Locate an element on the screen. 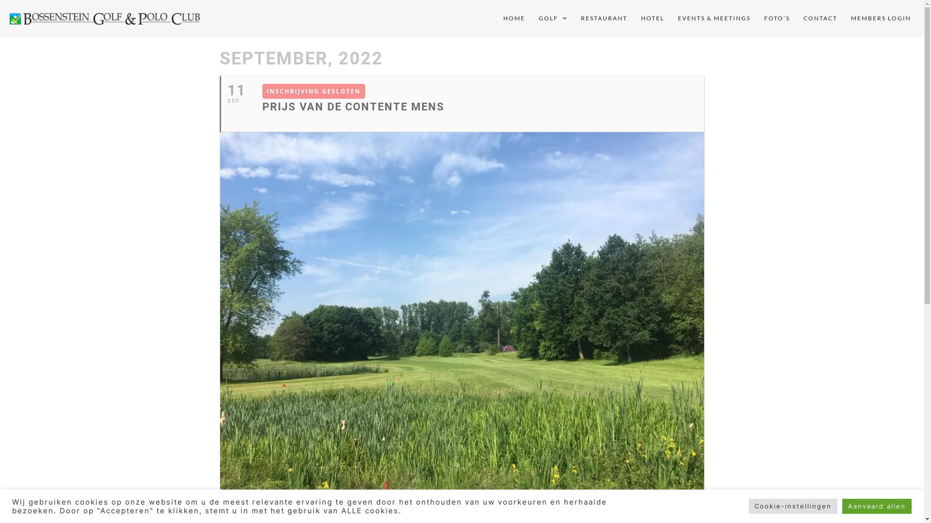  'MEMBERS LOGIN' is located at coordinates (881, 18).